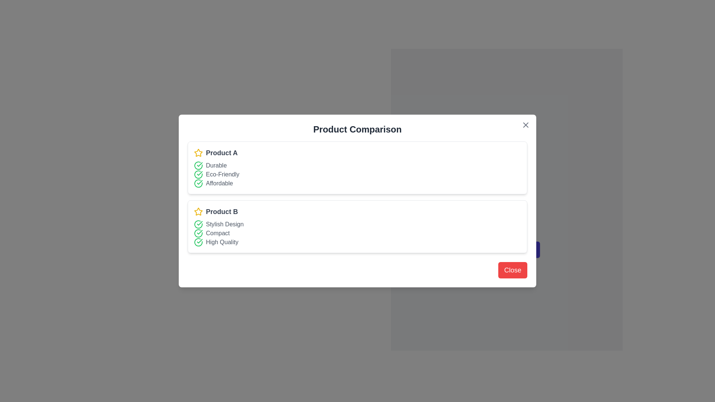 The height and width of the screenshot is (402, 715). I want to click on the circular graphical indicator with a green hue, which is part of the icon structure for 'Product B' and positioned above the text 'Stylish Design.', so click(198, 224).